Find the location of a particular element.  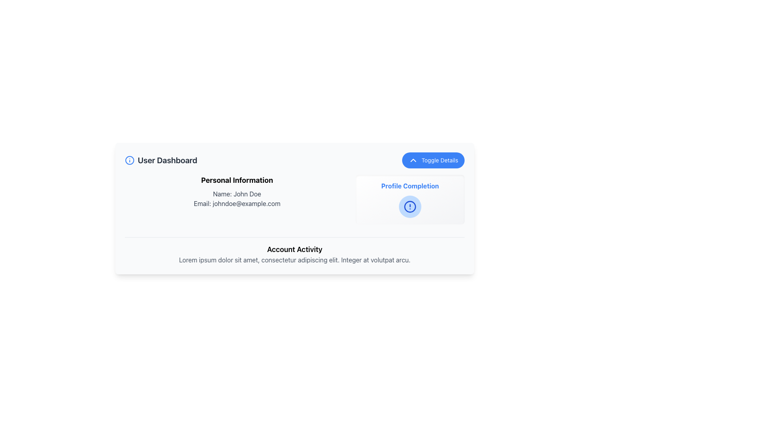

the informational icon located to the left of the 'User Dashboard' text in the header section is located at coordinates (130, 160).